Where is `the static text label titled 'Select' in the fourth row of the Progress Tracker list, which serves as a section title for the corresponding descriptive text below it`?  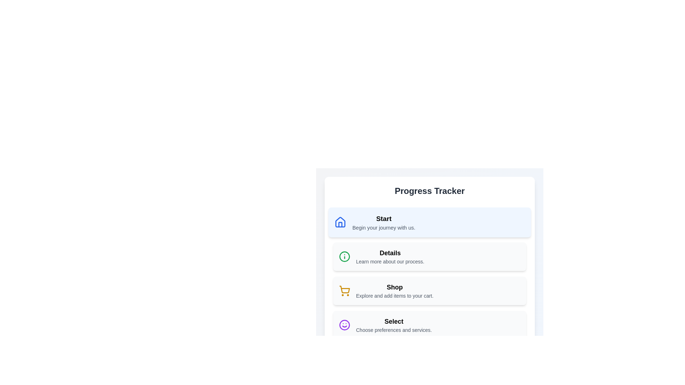
the static text label titled 'Select' in the fourth row of the Progress Tracker list, which serves as a section title for the corresponding descriptive text below it is located at coordinates (394, 322).